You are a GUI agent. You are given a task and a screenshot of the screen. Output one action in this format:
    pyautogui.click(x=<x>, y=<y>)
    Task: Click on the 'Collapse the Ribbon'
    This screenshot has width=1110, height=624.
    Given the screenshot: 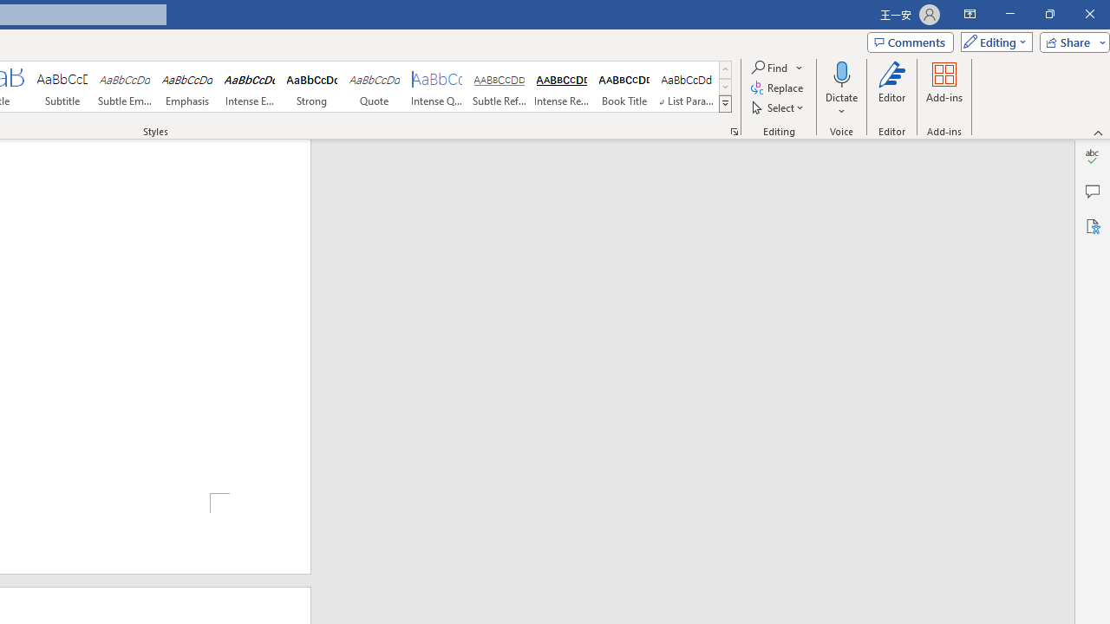 What is the action you would take?
    pyautogui.click(x=1098, y=132)
    